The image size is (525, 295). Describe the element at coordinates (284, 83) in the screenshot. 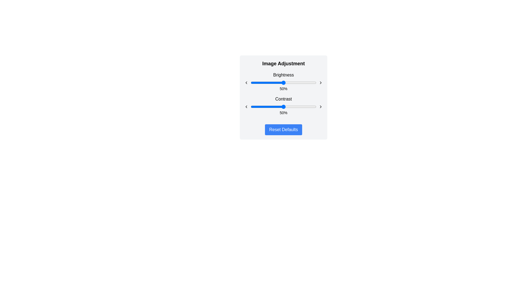

I see `brightness` at that location.